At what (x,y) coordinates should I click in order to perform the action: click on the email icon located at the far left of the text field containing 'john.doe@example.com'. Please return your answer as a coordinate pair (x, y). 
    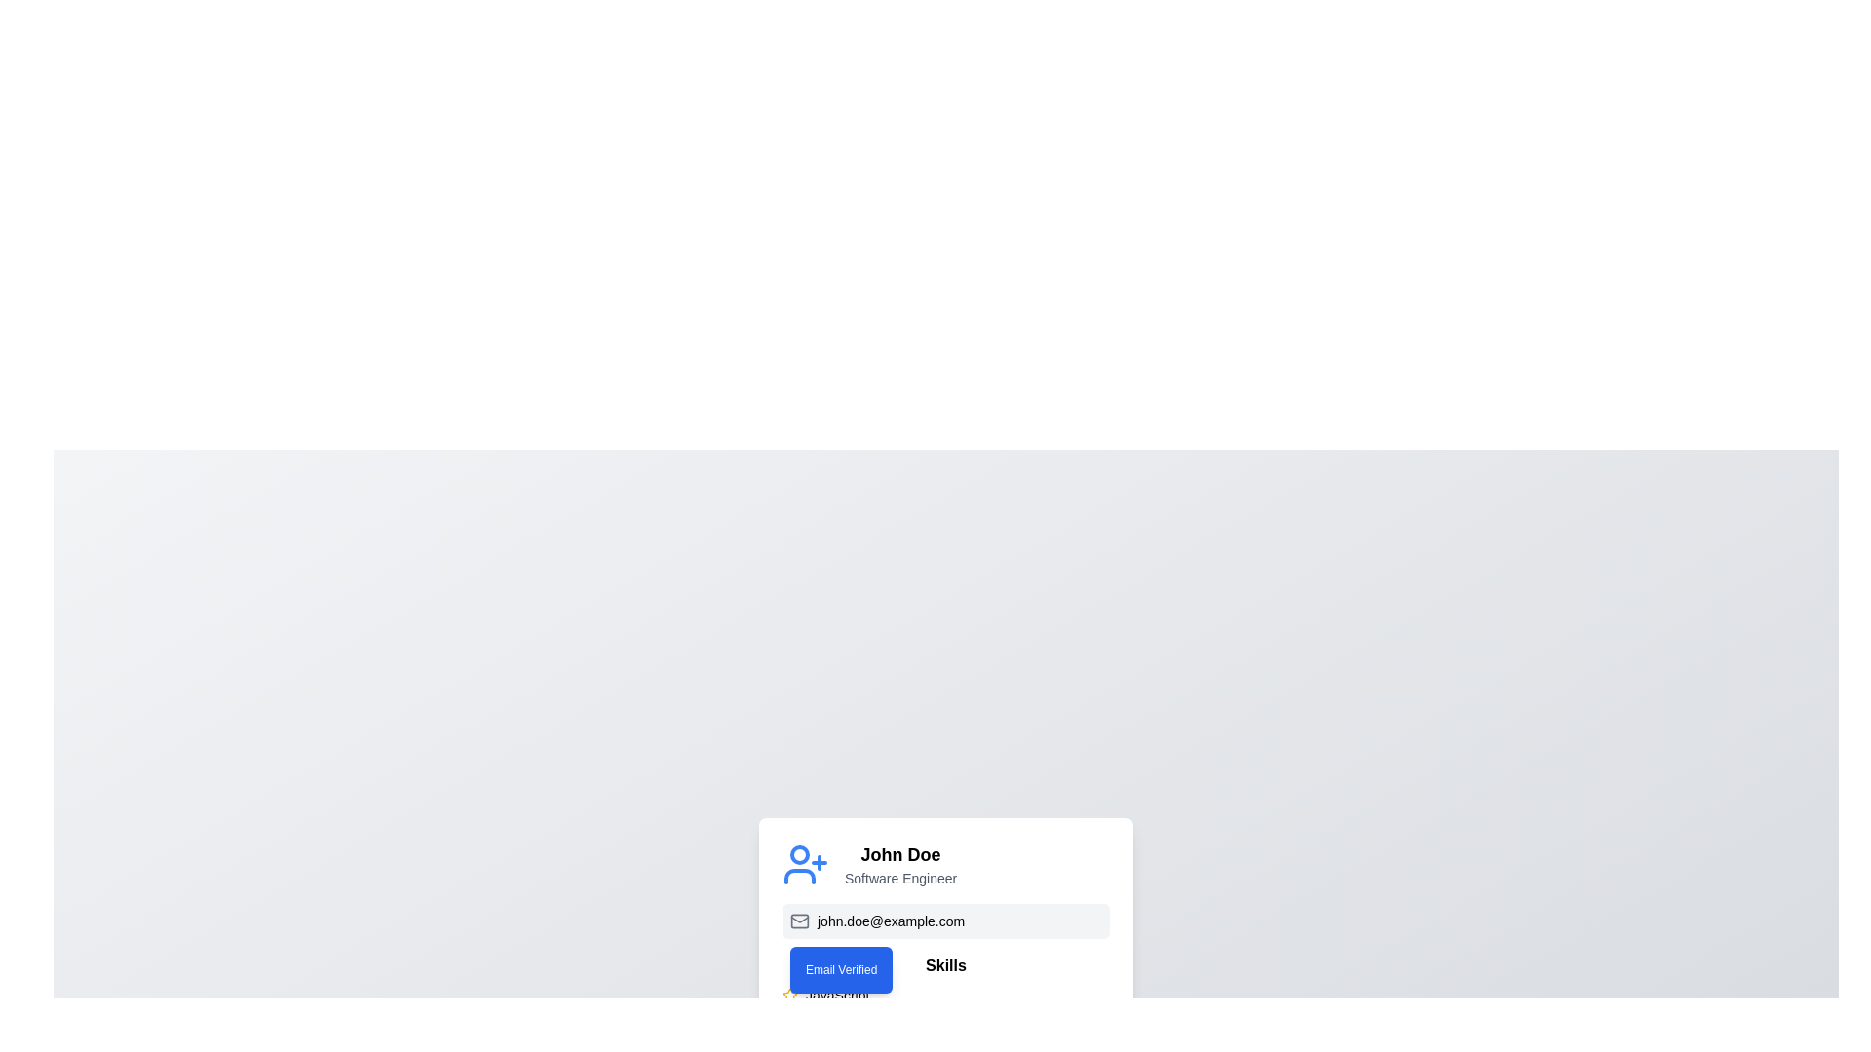
    Looking at the image, I should click on (799, 920).